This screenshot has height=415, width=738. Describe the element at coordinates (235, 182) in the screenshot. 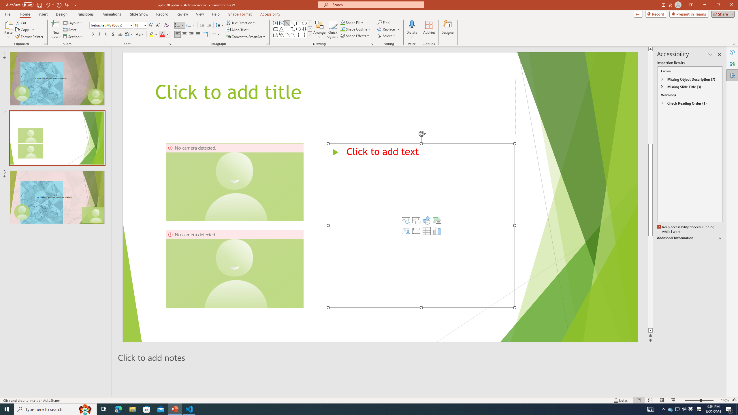

I see `'Camera 3, No camera detected.'` at that location.